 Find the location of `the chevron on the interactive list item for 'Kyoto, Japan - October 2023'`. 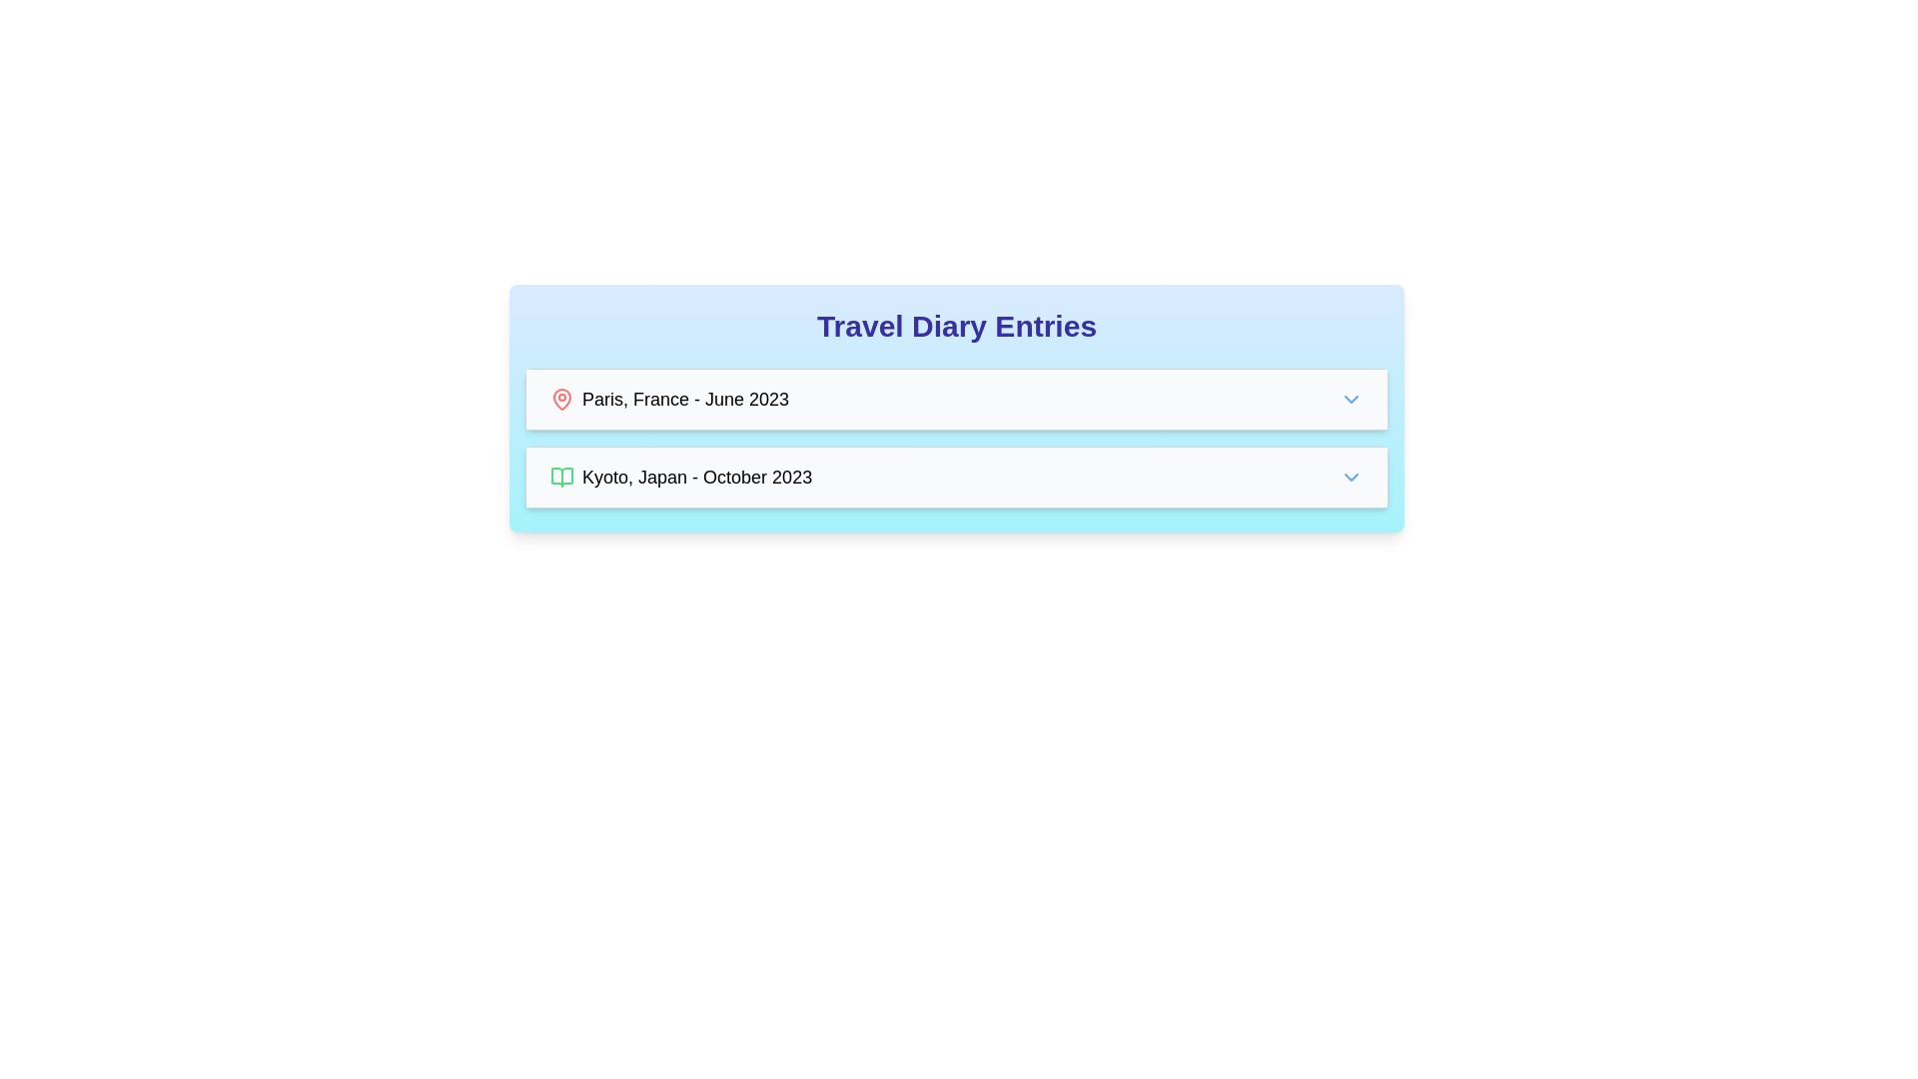

the chevron on the interactive list item for 'Kyoto, Japan - October 2023' is located at coordinates (956, 478).